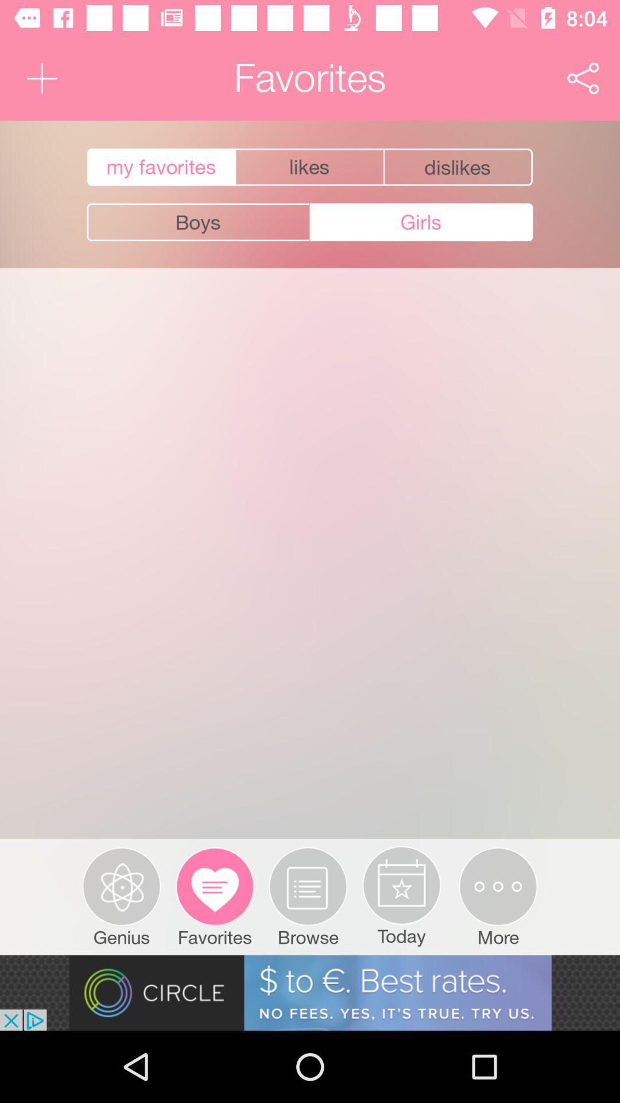  What do you see at coordinates (309, 167) in the screenshot?
I see `show what user likes` at bounding box center [309, 167].